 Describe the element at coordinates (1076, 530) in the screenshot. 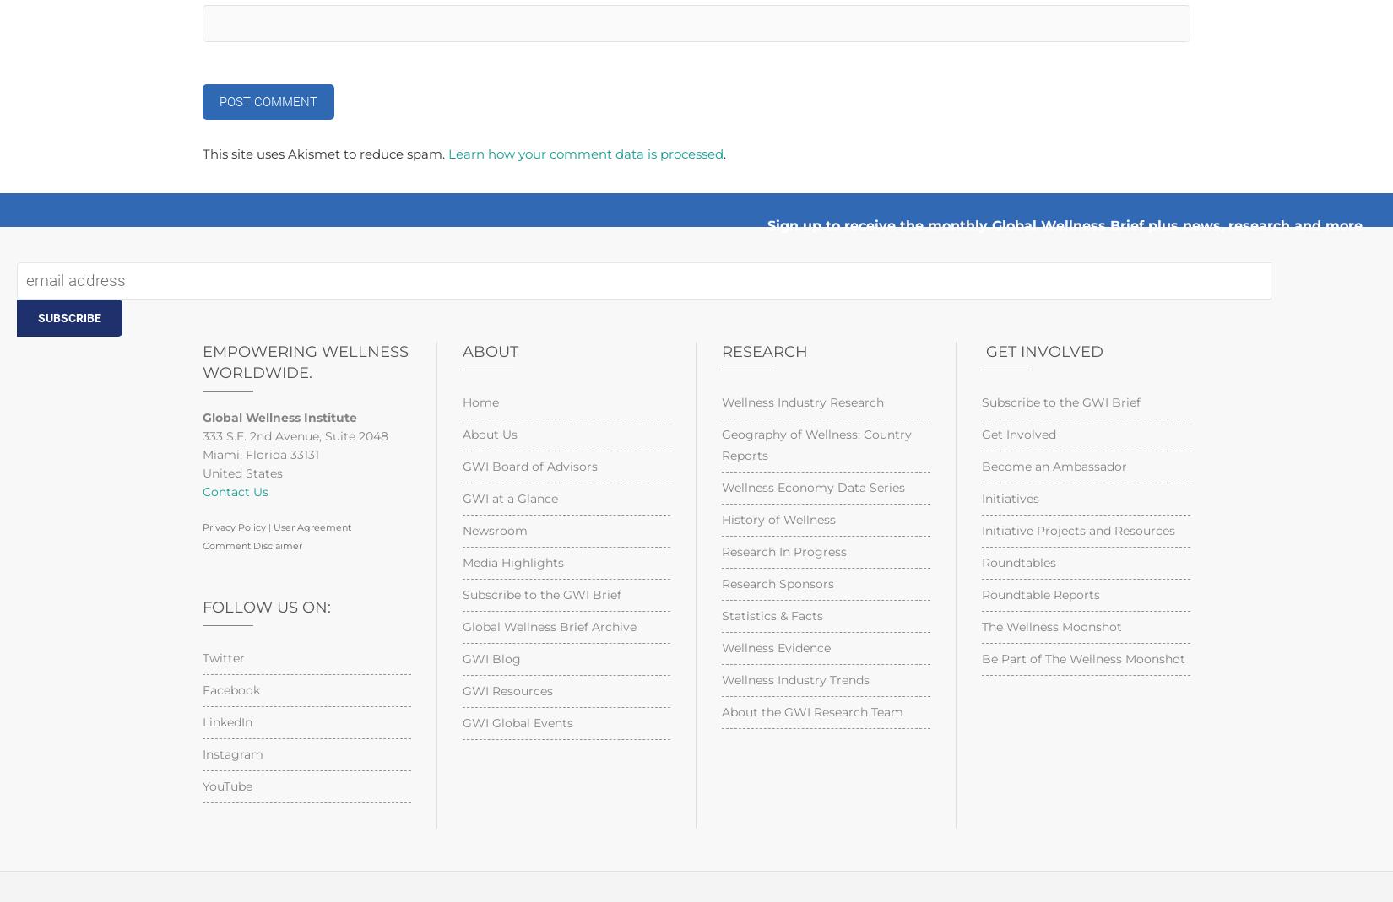

I see `'Initiative Projects and Resources'` at that location.